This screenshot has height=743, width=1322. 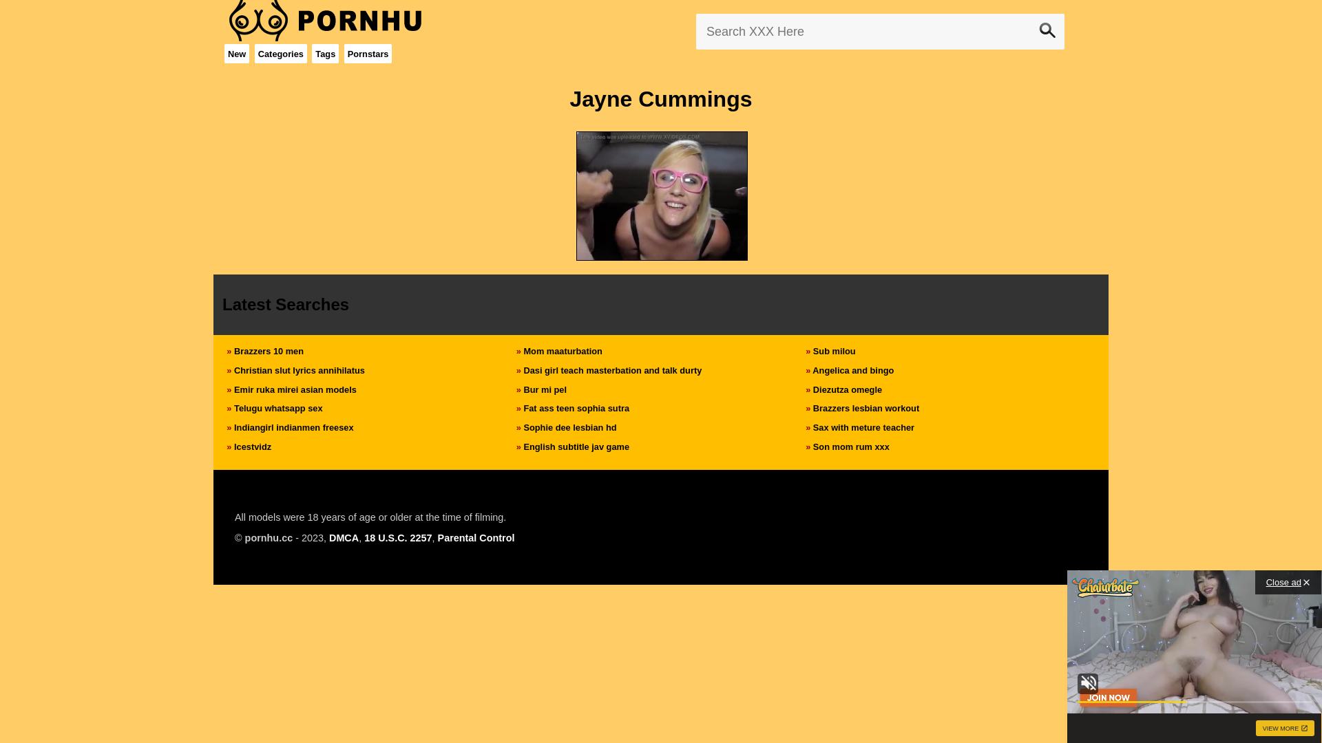 I want to click on 'Fat ass teen sophia sutra', so click(x=576, y=407).